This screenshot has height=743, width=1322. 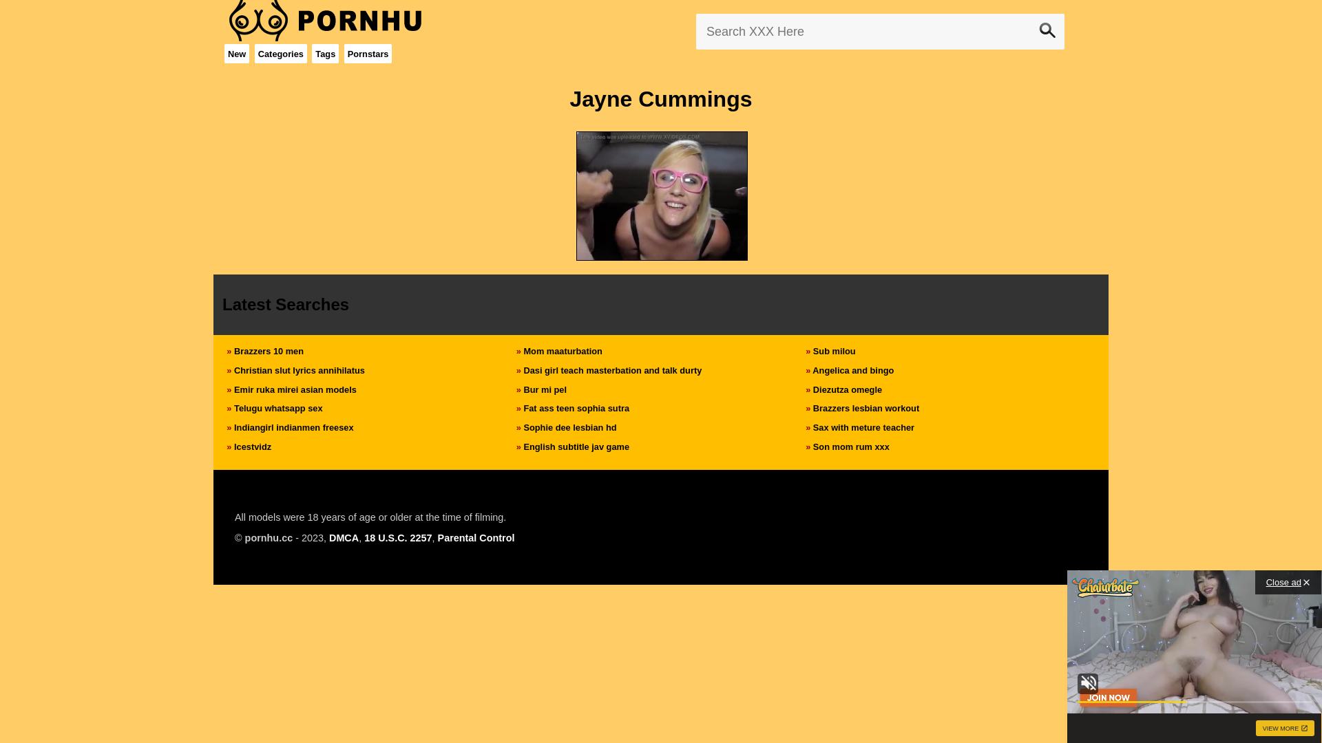 I want to click on 'Fat ass teen sophia sutra', so click(x=576, y=407).